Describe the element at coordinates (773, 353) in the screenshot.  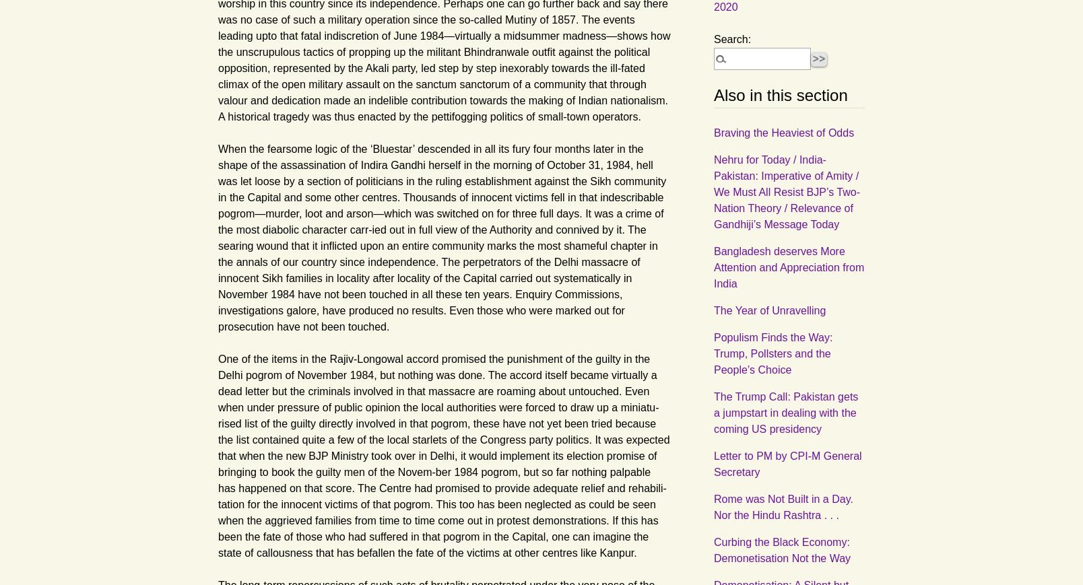
I see `'Populism Finds the Way: Trump, Pollsters and the People’s Choice'` at that location.